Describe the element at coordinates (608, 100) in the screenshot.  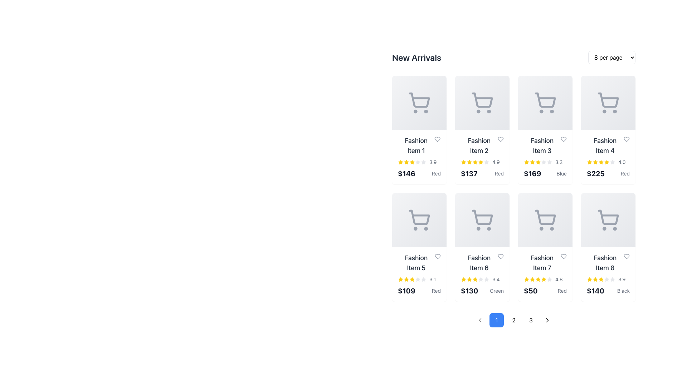
I see `the graphical cart icon, which is located in the fourth card of the first row in the grid layout, above the text 'Fashion Item 4'` at that location.